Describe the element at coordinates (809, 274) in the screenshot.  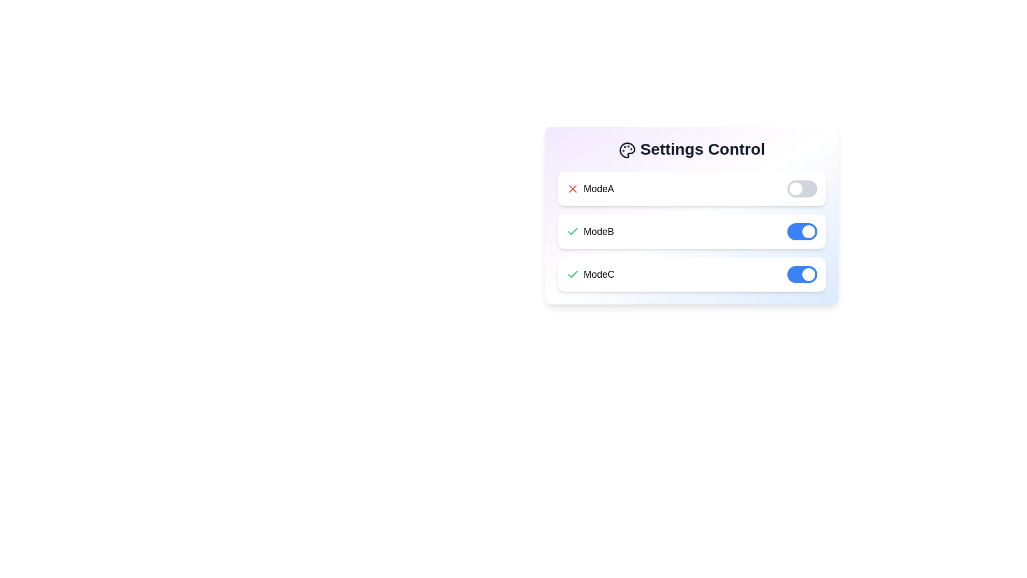
I see `the small circular Toggle Indicator, which is white and surrounded by a blue background` at that location.